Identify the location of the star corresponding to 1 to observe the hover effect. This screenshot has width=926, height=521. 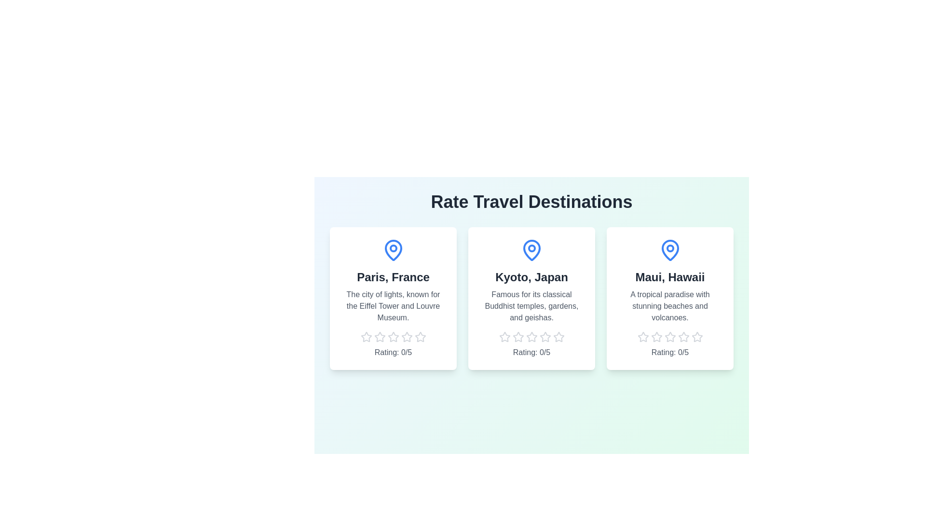
(366, 336).